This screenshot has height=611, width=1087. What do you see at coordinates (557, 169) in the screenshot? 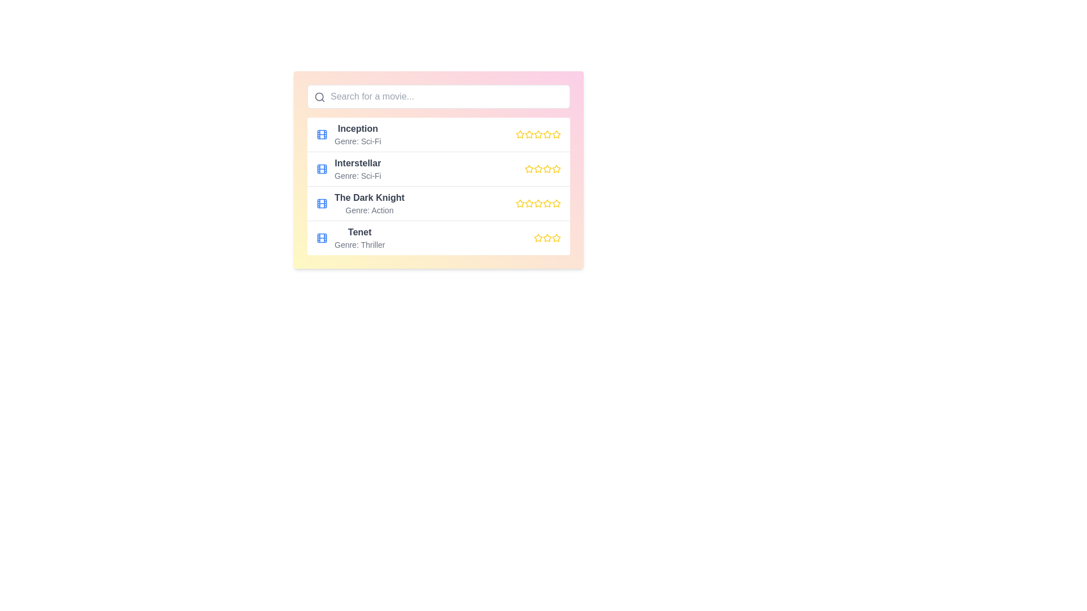
I see `the star icon for rating the movie 'Interstellar', which is located in the second row and fourth position of the movie list` at bounding box center [557, 169].